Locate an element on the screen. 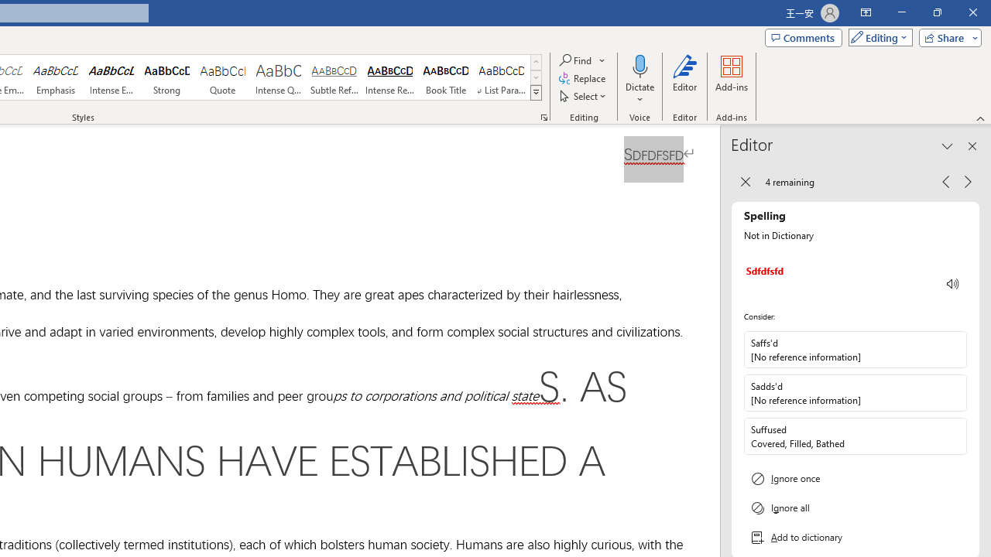  'Row up' is located at coordinates (536, 61).